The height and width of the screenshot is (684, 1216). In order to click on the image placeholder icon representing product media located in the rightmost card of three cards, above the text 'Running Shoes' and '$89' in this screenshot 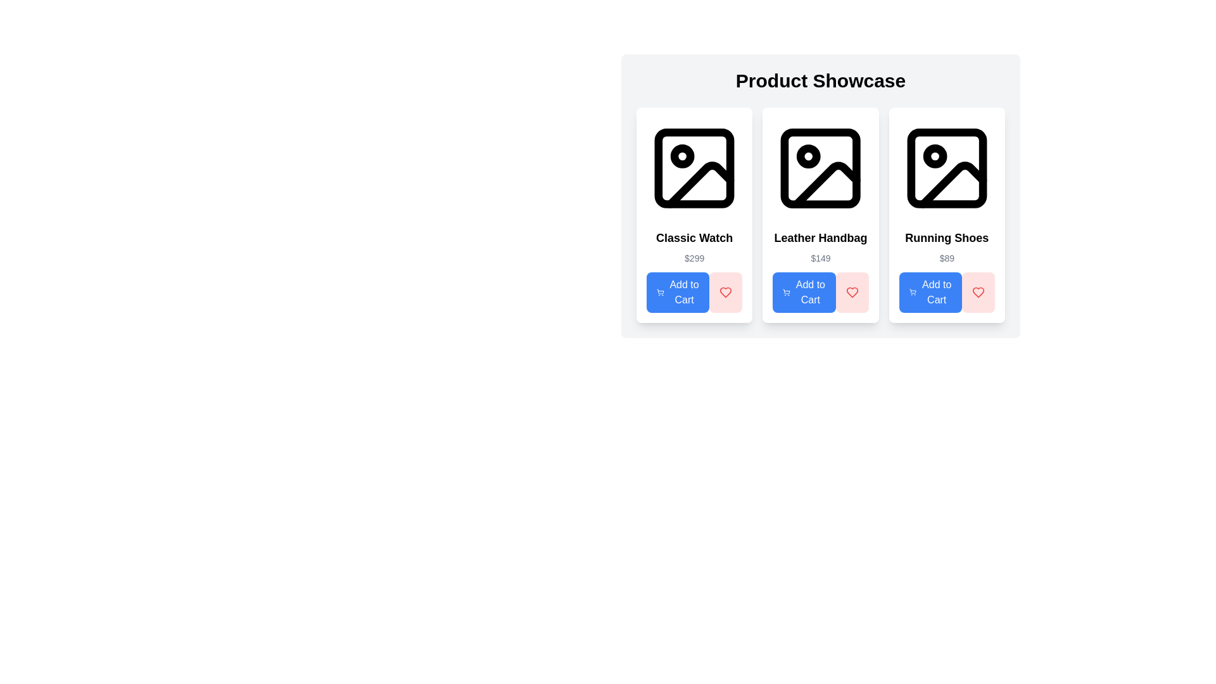, I will do `click(947, 168)`.